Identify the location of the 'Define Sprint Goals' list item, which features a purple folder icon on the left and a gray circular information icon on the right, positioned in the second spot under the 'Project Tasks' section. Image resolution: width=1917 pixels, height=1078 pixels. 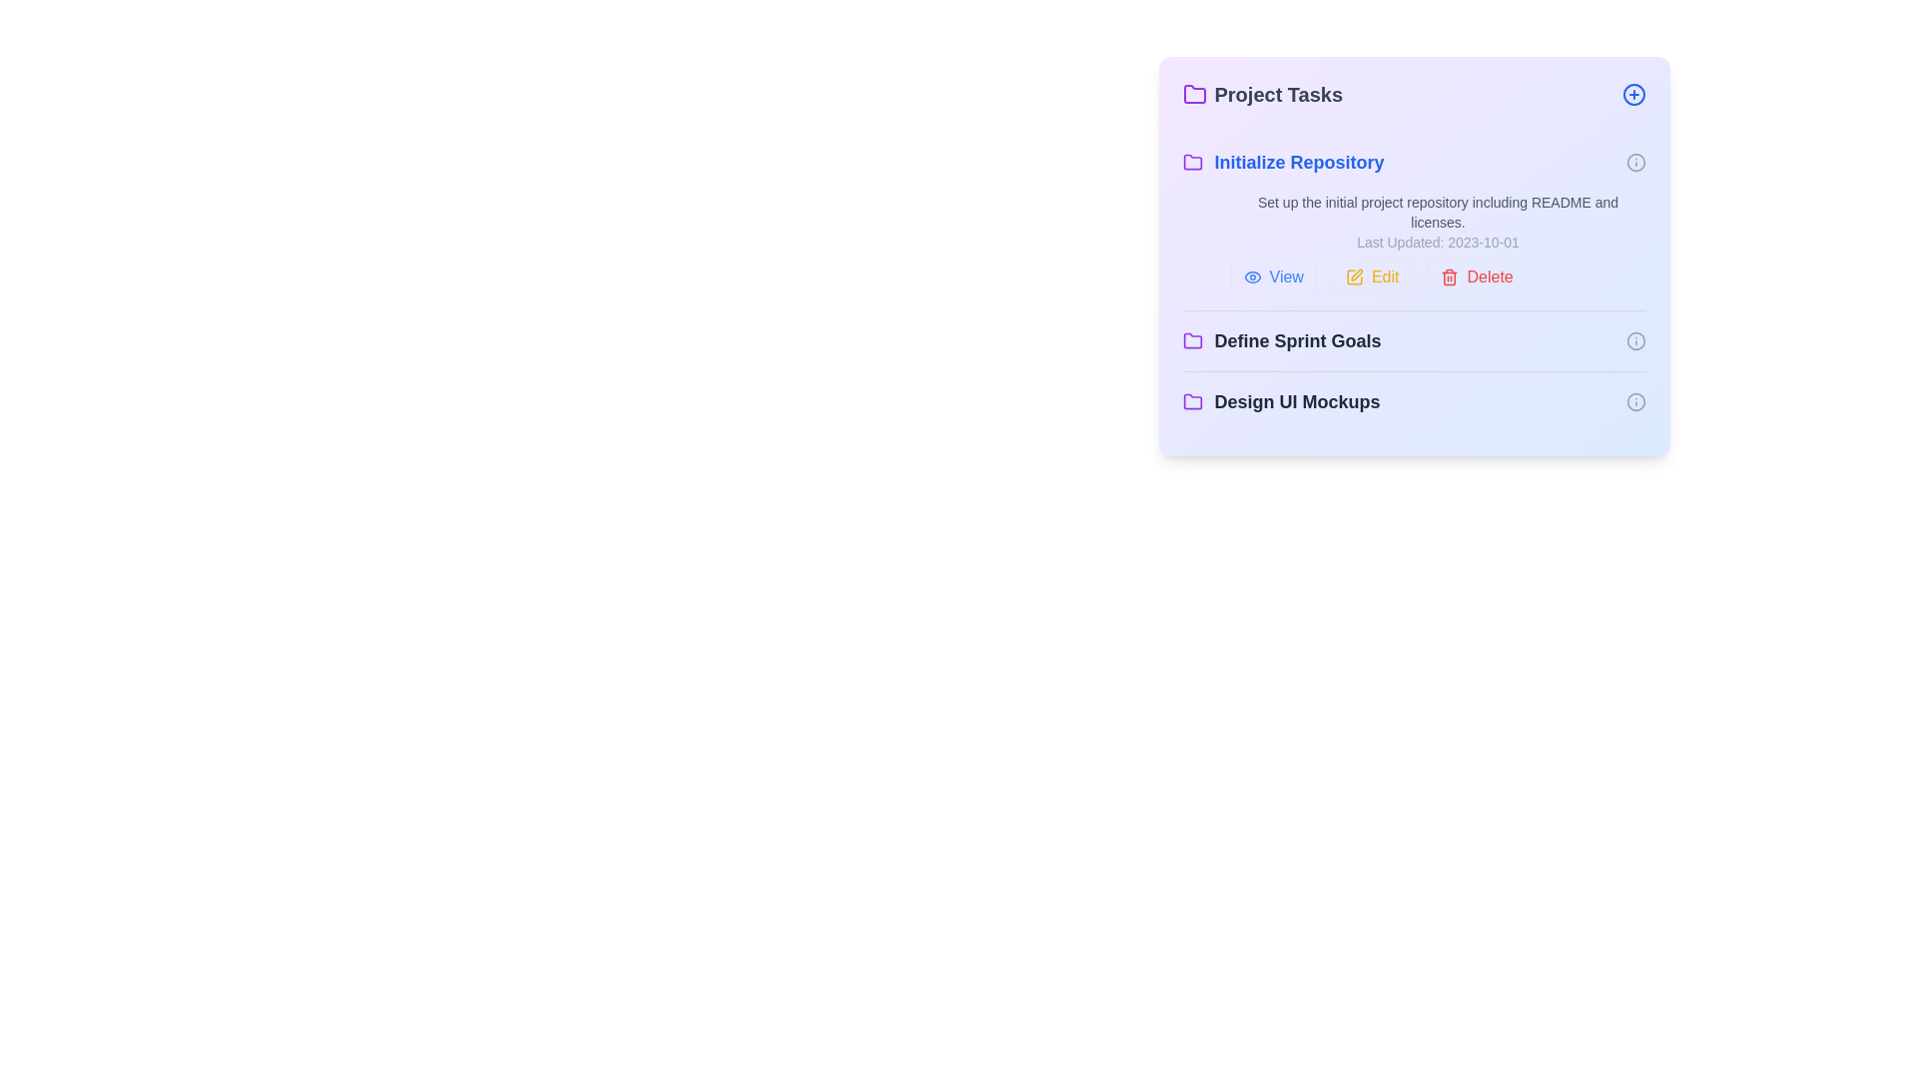
(1413, 339).